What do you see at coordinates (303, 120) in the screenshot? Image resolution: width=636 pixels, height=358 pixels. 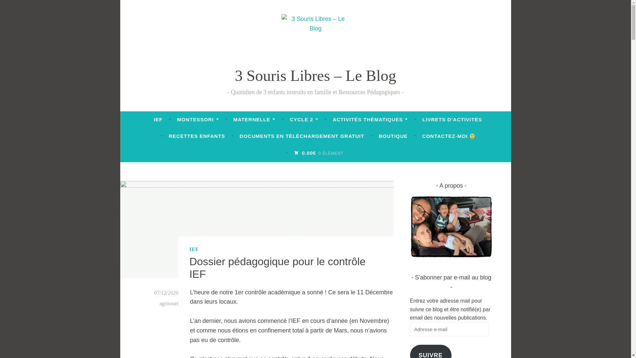 I see `'CYCLE 2'` at bounding box center [303, 120].